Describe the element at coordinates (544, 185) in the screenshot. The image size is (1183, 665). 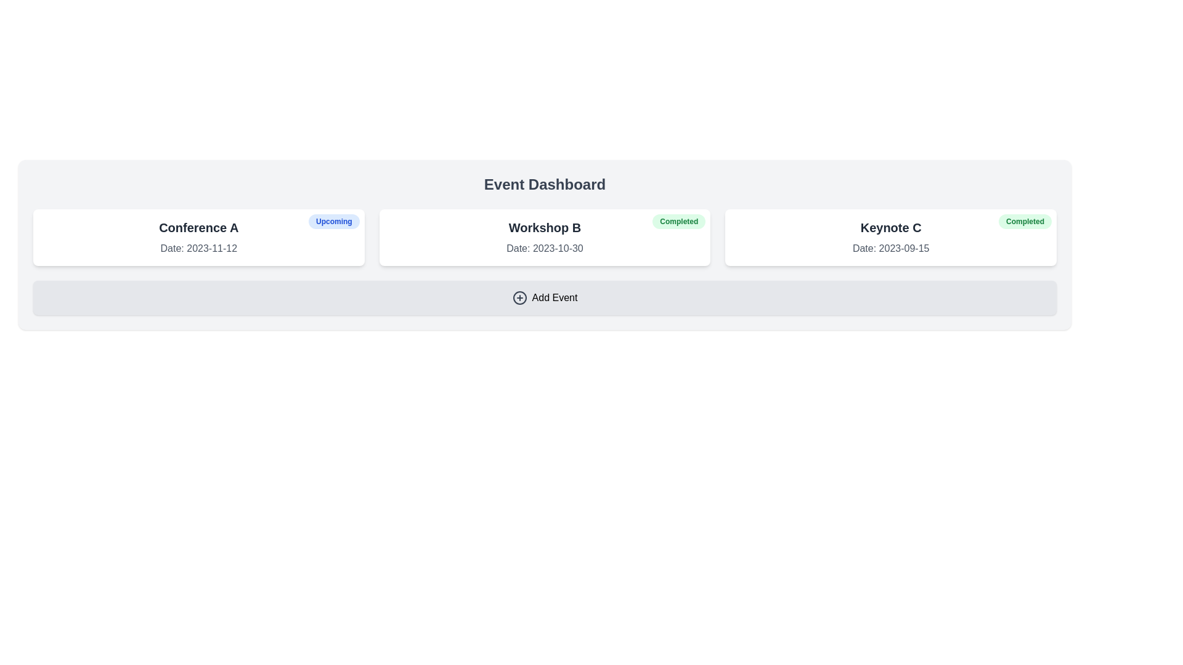
I see `the Text label (header) that serves as a title for the event management dashboard, located at the top of the interface` at that location.